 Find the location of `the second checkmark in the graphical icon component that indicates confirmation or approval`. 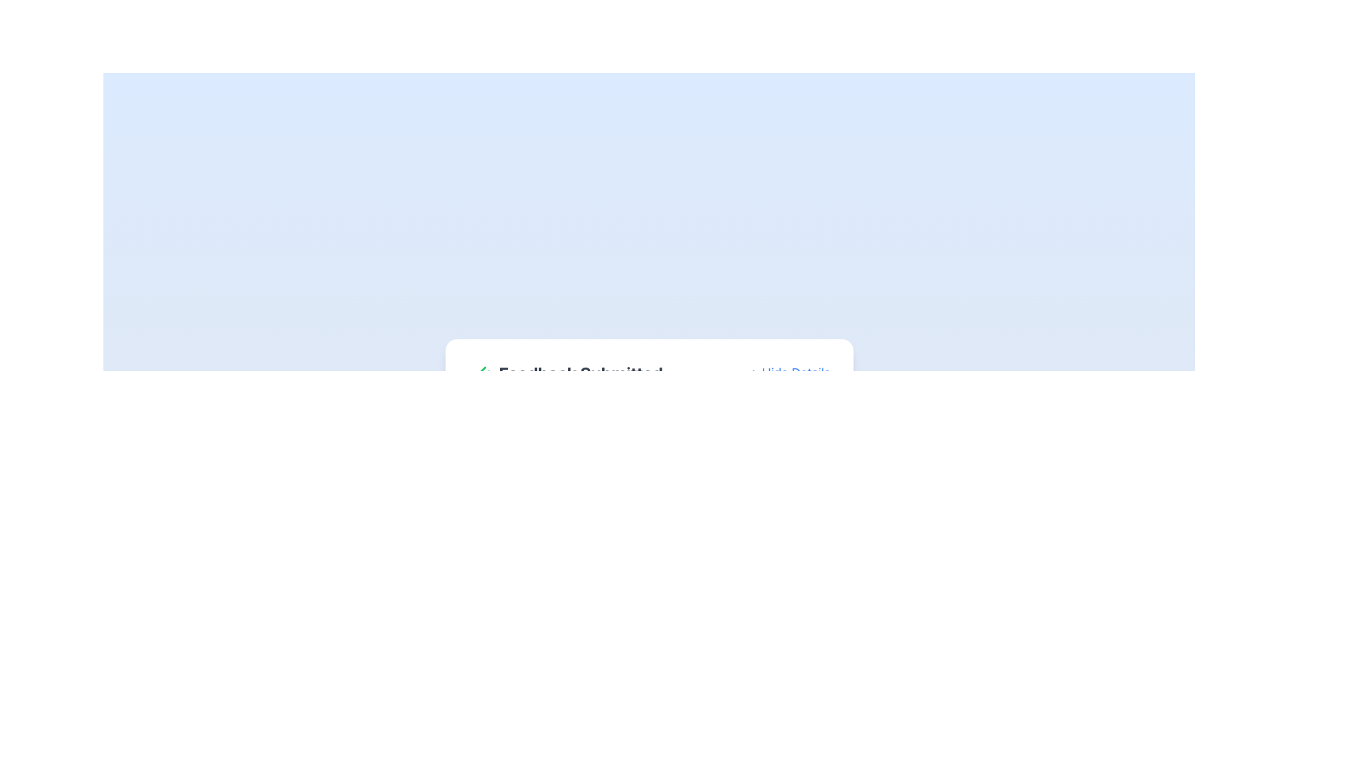

the second checkmark in the graphical icon component that indicates confirmation or approval is located at coordinates (484, 373).